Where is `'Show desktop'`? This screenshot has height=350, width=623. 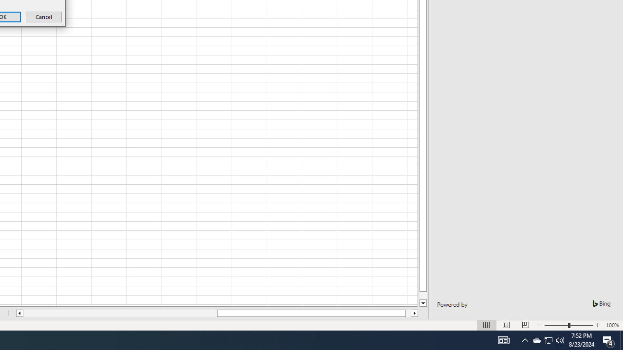 'Show desktop' is located at coordinates (608, 339).